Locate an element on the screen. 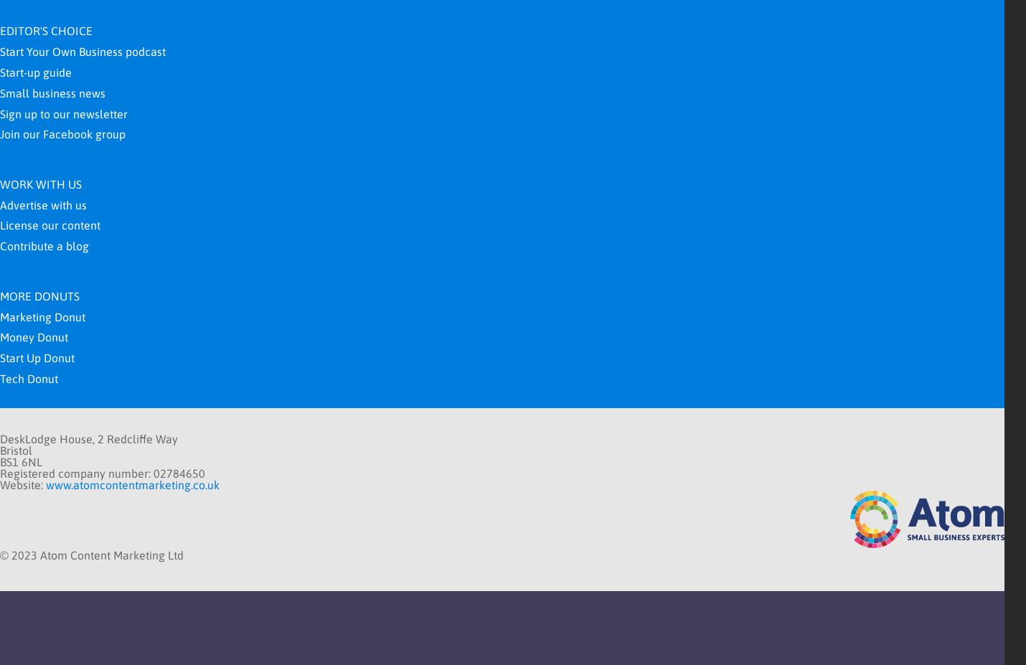 The width and height of the screenshot is (1026, 665). 'EDITOR'S CHOICE' is located at coordinates (45, 30).